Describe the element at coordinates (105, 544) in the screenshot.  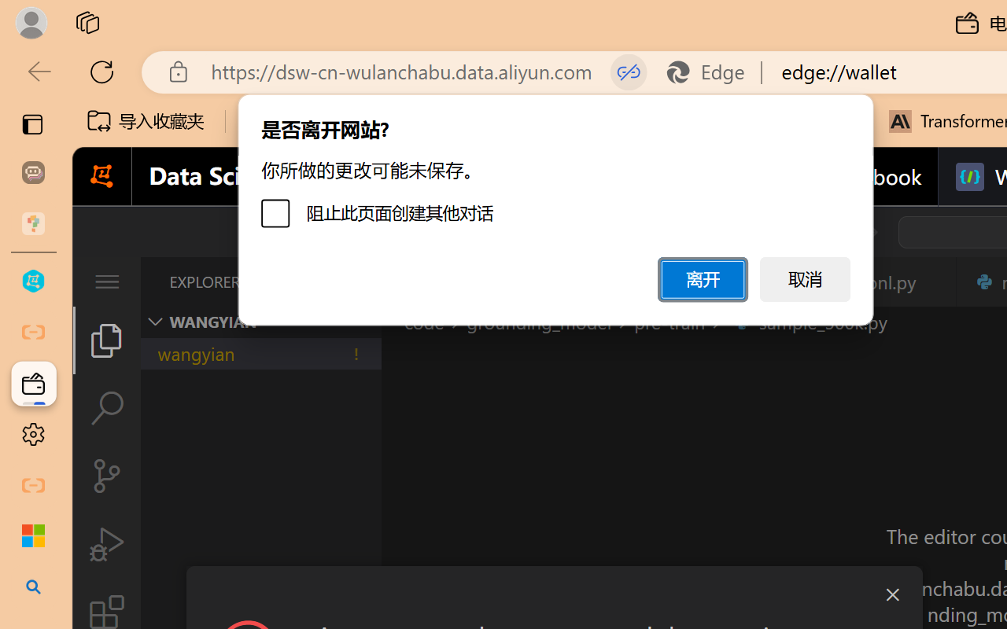
I see `'Run and Debug (Ctrl+Shift+D)'` at that location.